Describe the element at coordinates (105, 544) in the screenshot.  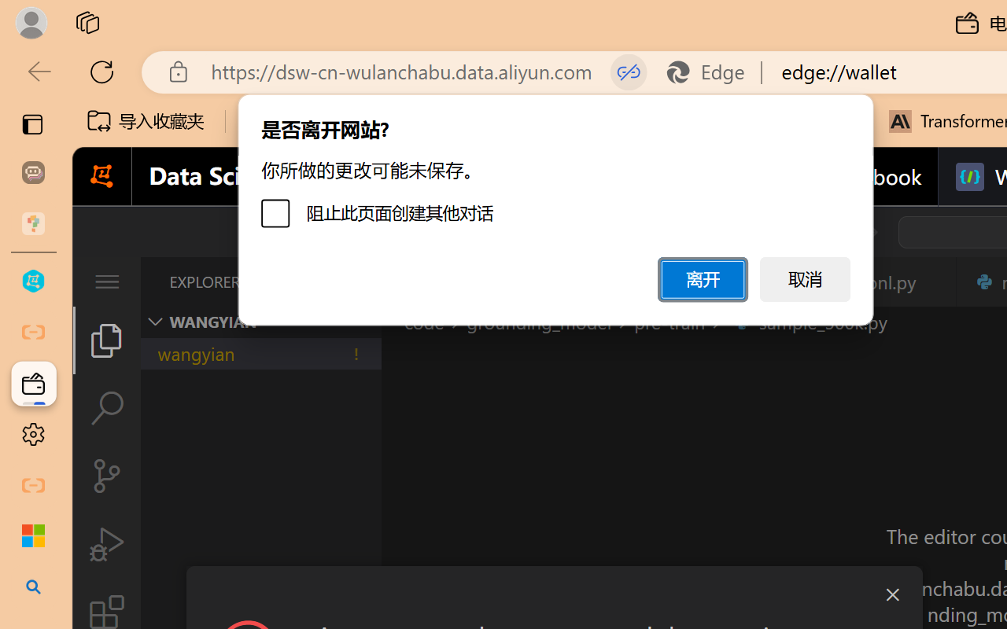
I see `'Run and Debug (Ctrl+Shift+D)'` at that location.